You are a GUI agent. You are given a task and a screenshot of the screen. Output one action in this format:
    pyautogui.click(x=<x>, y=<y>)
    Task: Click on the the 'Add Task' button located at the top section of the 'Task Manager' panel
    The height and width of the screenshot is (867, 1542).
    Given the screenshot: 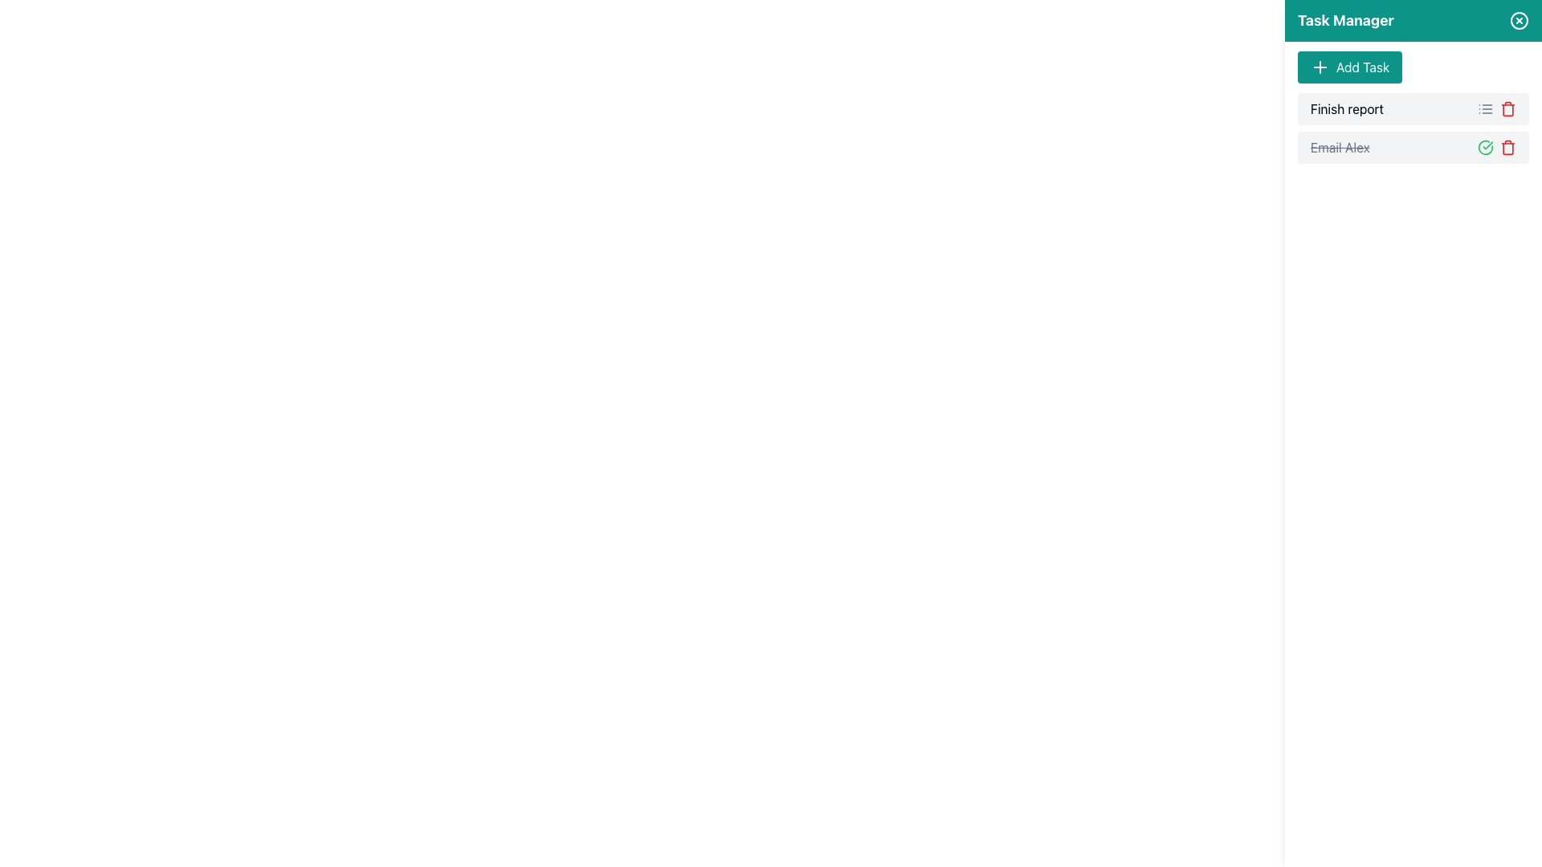 What is the action you would take?
    pyautogui.click(x=1349, y=67)
    